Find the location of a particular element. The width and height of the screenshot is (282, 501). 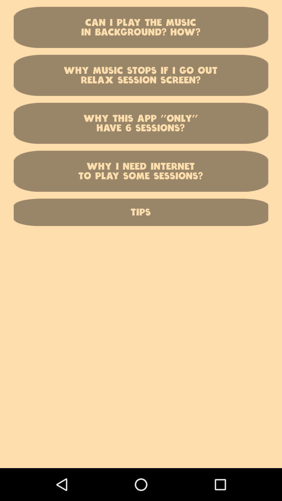

why music stops item is located at coordinates (141, 75).